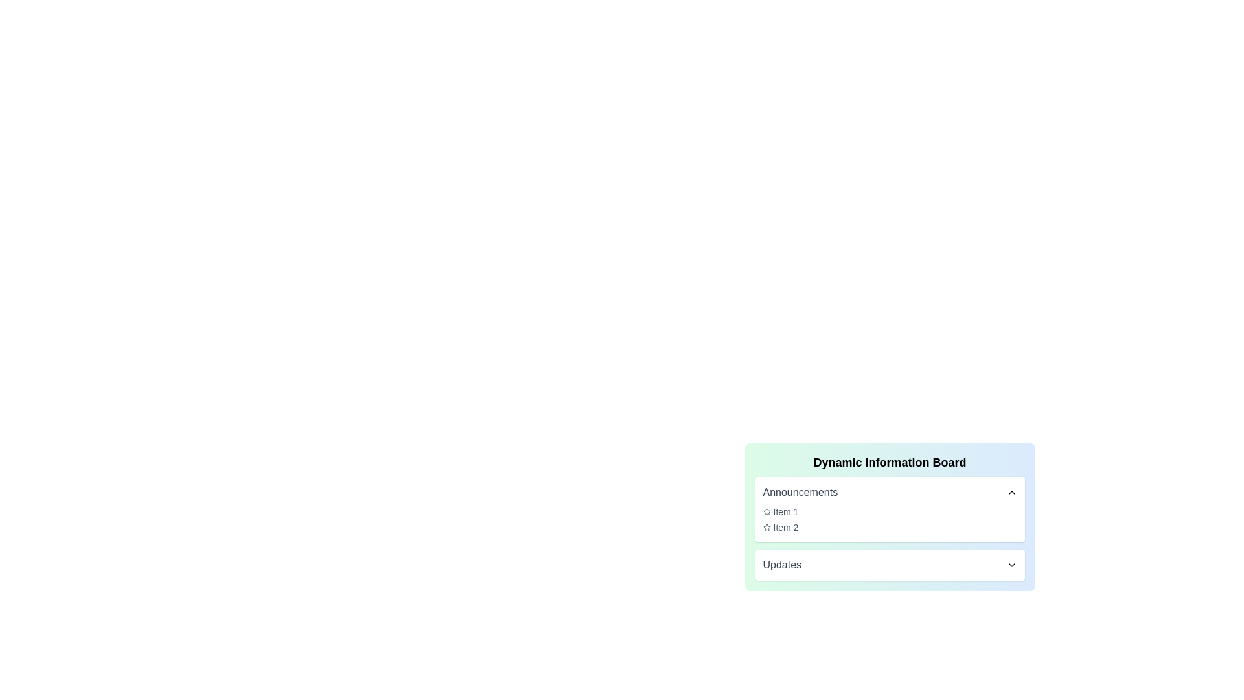 The width and height of the screenshot is (1244, 700). What do you see at coordinates (889, 527) in the screenshot?
I see `the list item Item 2 in the DynamicNestedList component` at bounding box center [889, 527].